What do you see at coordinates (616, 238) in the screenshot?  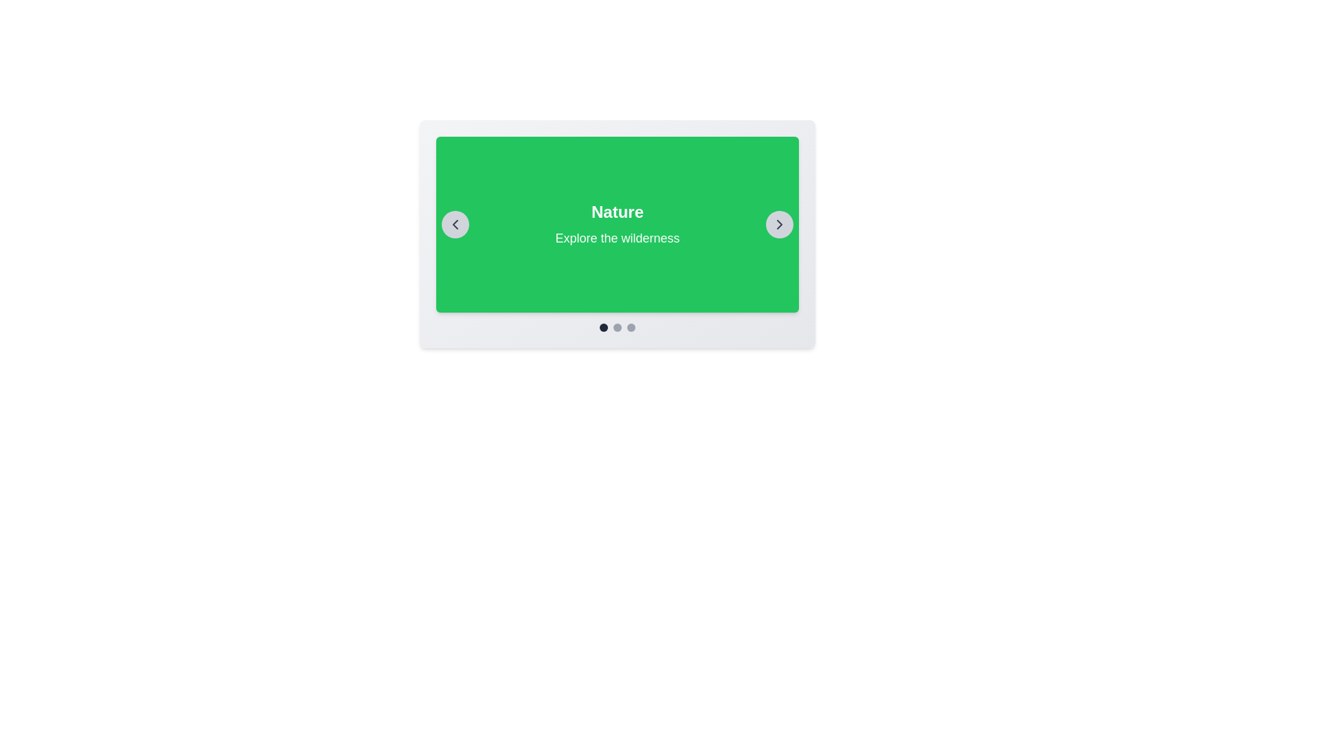 I see `the static text label providing supplementary information below the 'Nature' title within the green rectangular card` at bounding box center [616, 238].